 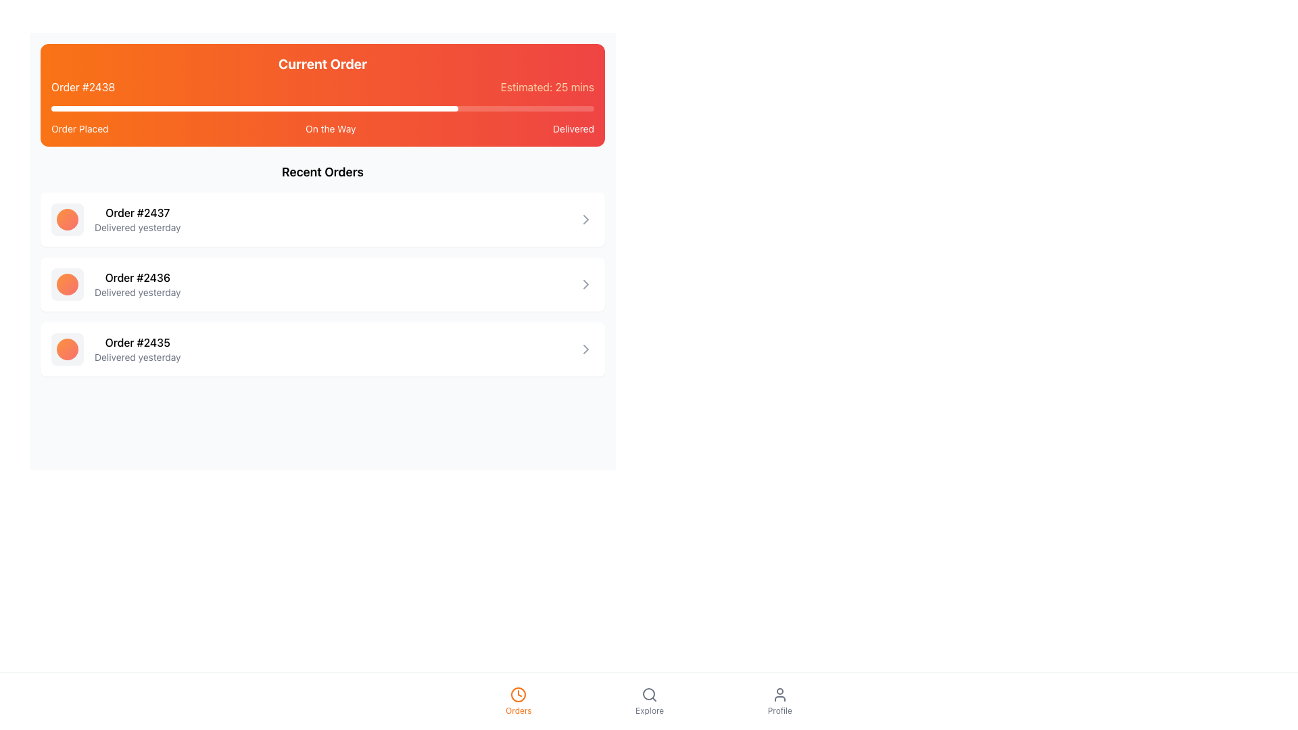 I want to click on the text label providing status information about the order, which indicates that it was delivered on the previous day, located below the title 'Order #2435', so click(x=137, y=356).